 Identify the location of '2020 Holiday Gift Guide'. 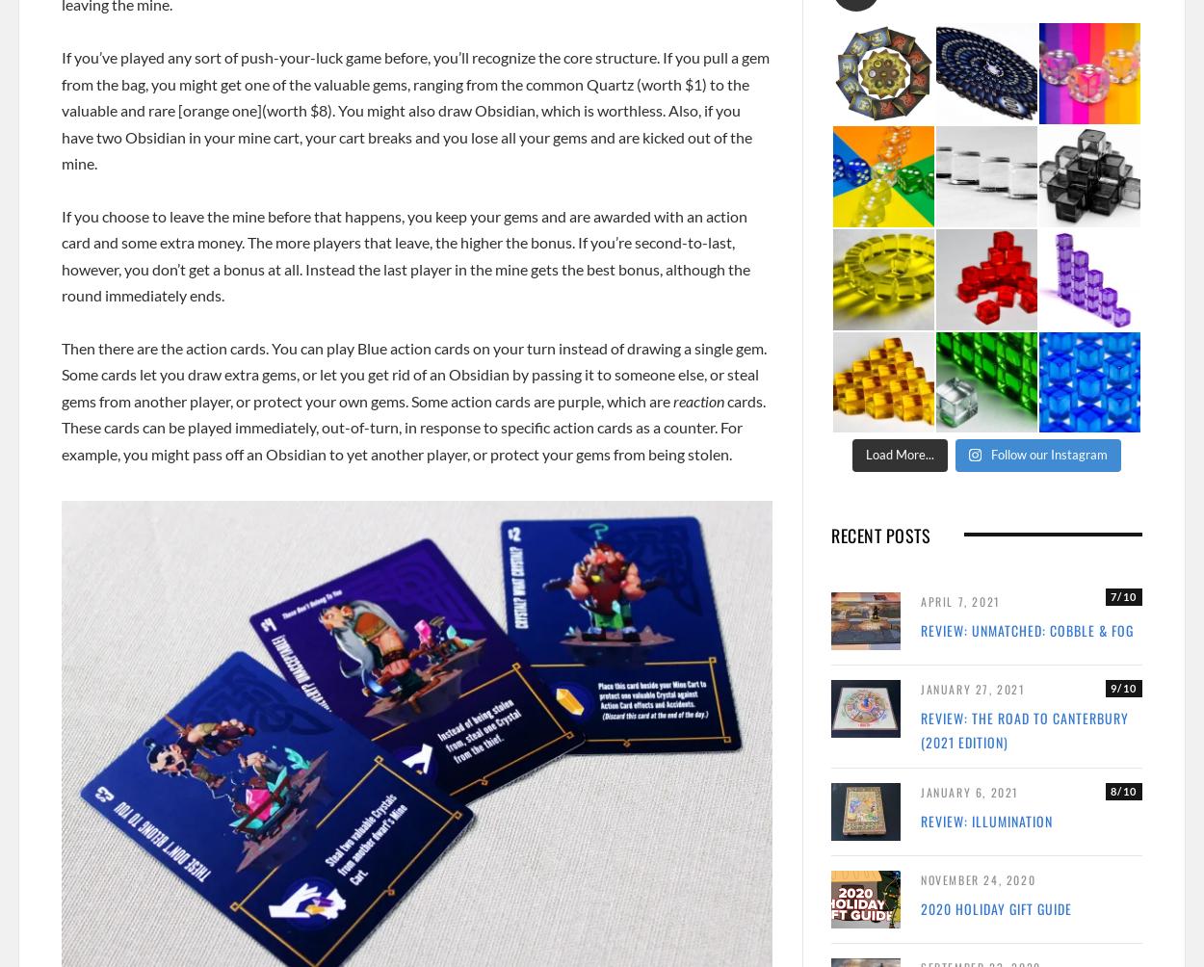
(920, 906).